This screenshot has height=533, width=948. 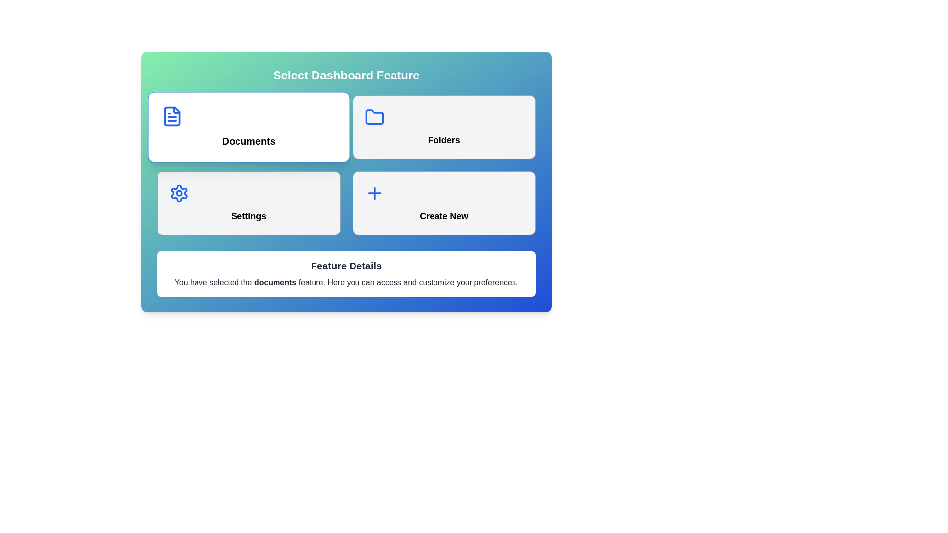 I want to click on the 'Documents' icon located on the top-left side of the grid layout of the dashboard interface, so click(x=172, y=115).